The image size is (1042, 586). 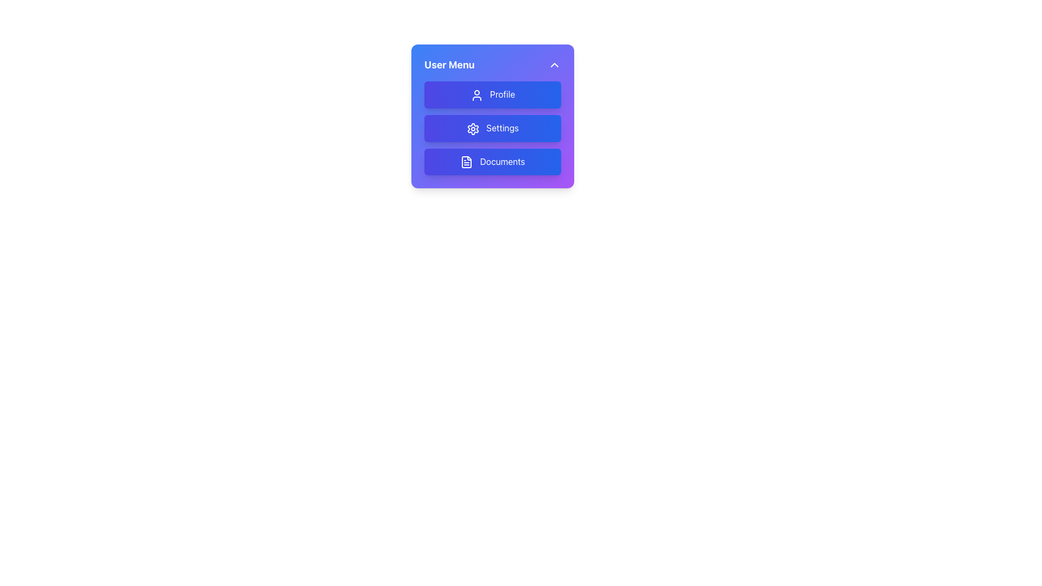 I want to click on the 'User Menu' text label element, which is styled with a bold and large font size and located in the top-left section of the menu interface, so click(x=449, y=65).